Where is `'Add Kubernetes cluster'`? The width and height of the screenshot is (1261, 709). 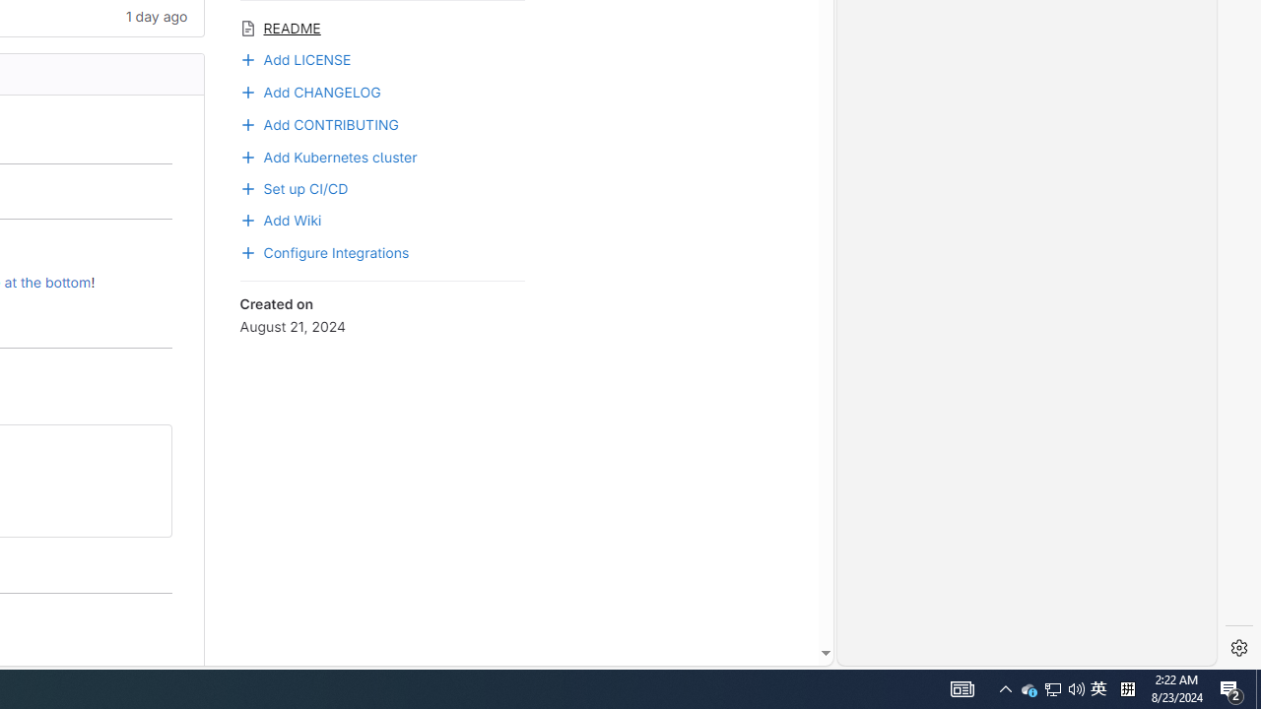
'Add Kubernetes cluster' is located at coordinates (381, 155).